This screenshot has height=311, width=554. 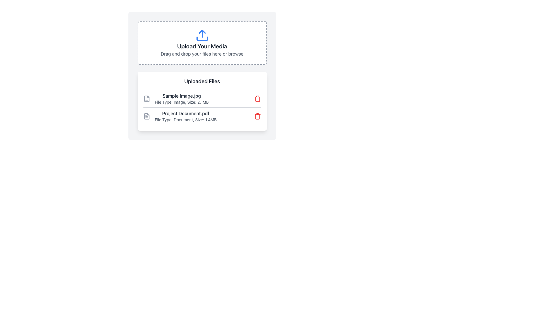 I want to click on the header text element that serves as the title for the media upload section, which is positioned below an icon and above the text 'Drag and drop your files here or browse.', so click(x=202, y=46).